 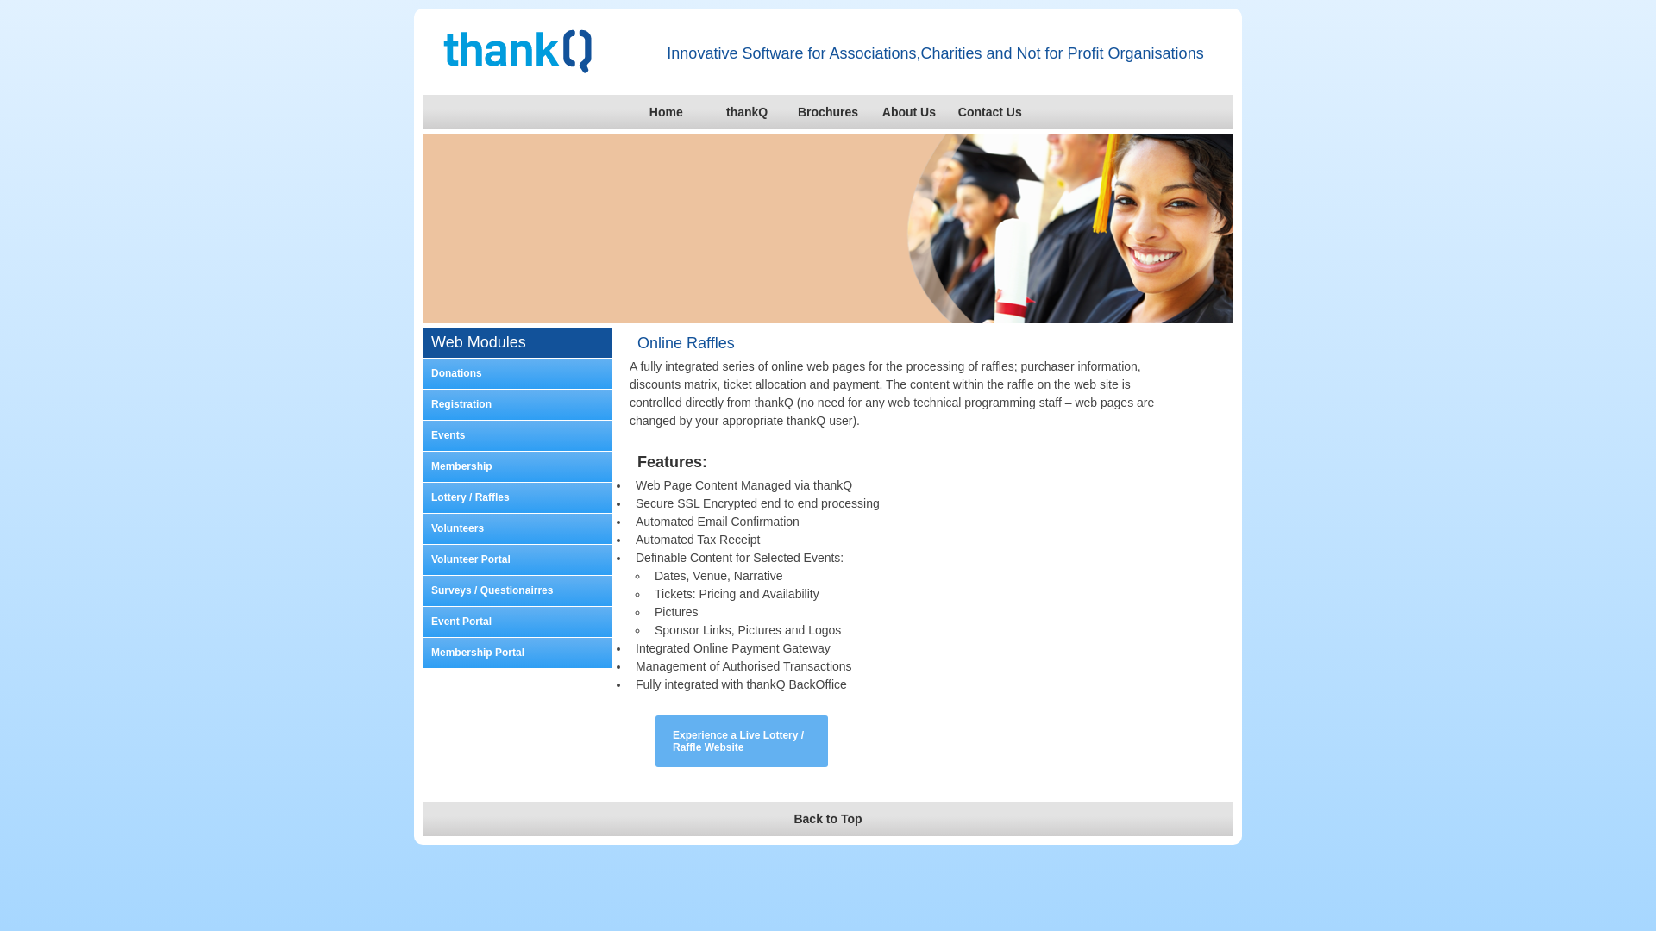 What do you see at coordinates (517, 528) in the screenshot?
I see `'Volunteers'` at bounding box center [517, 528].